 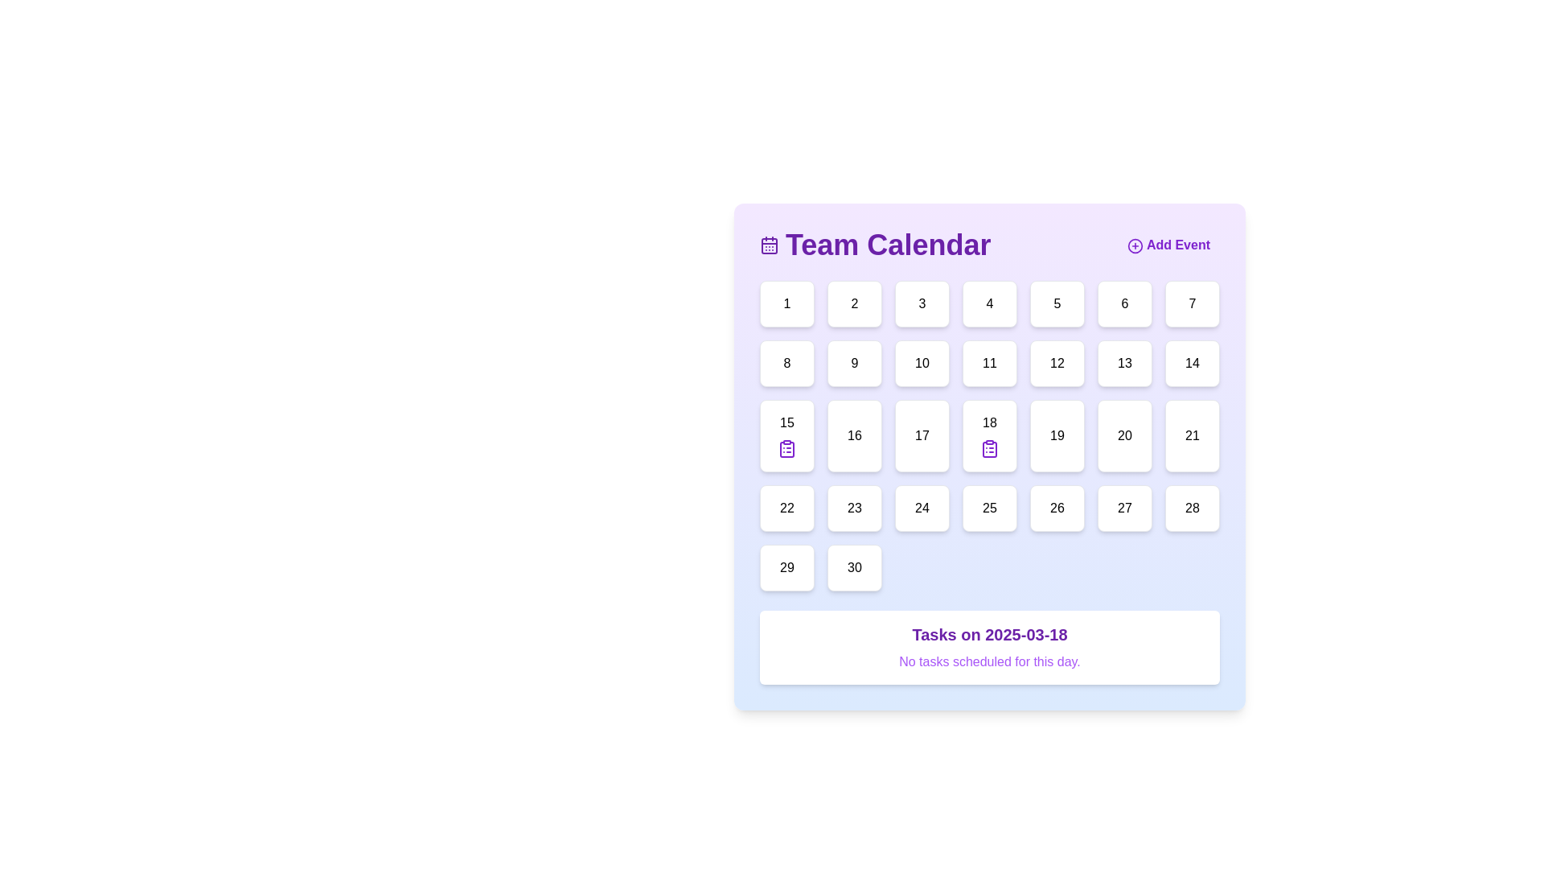 What do you see at coordinates (922, 509) in the screenshot?
I see `the white rounded rectangular button labeled '24' located in the last row, fourth column of the calendar layout` at bounding box center [922, 509].